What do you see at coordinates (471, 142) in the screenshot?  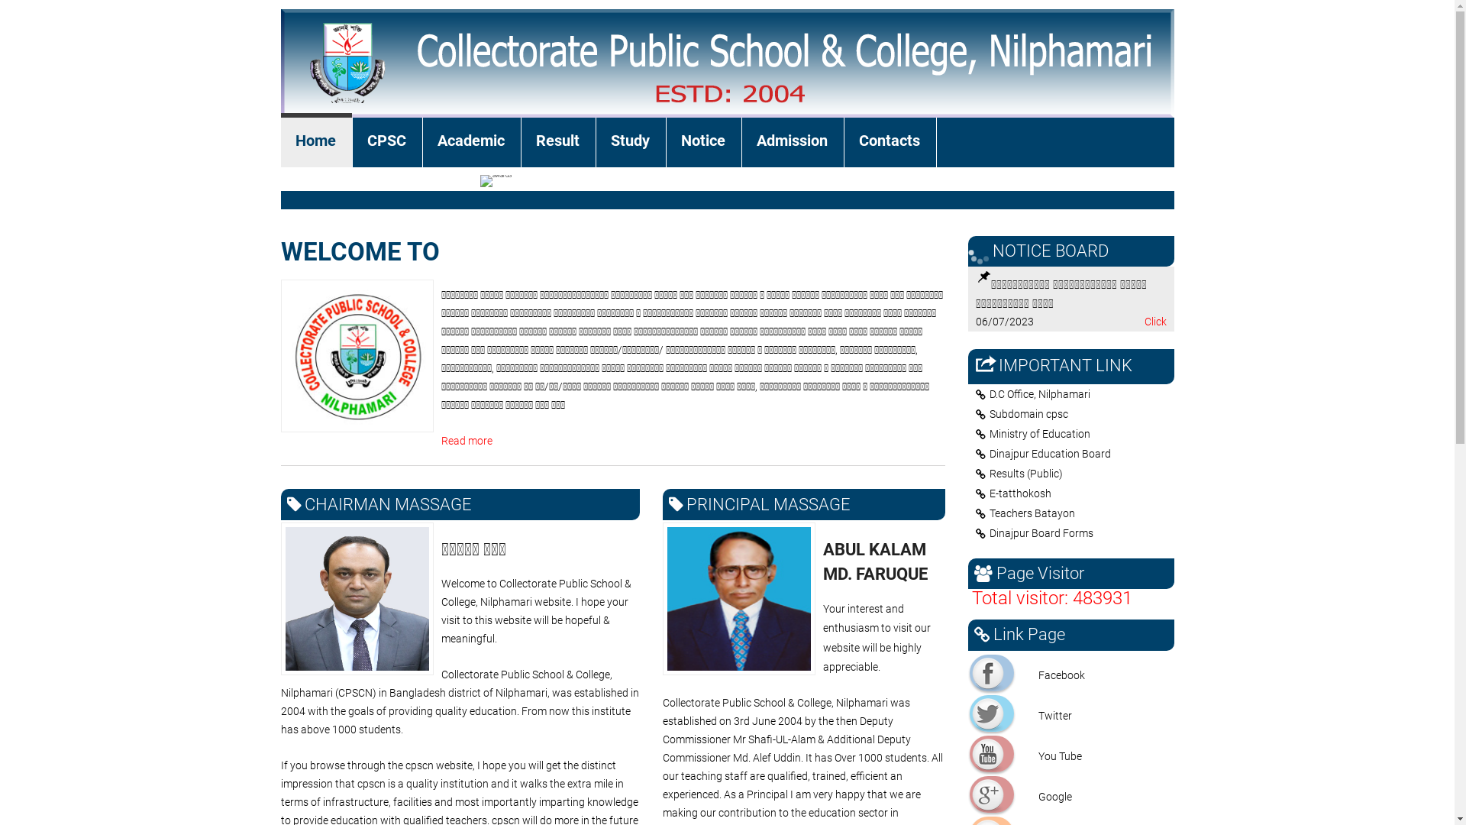 I see `'Academic'` at bounding box center [471, 142].